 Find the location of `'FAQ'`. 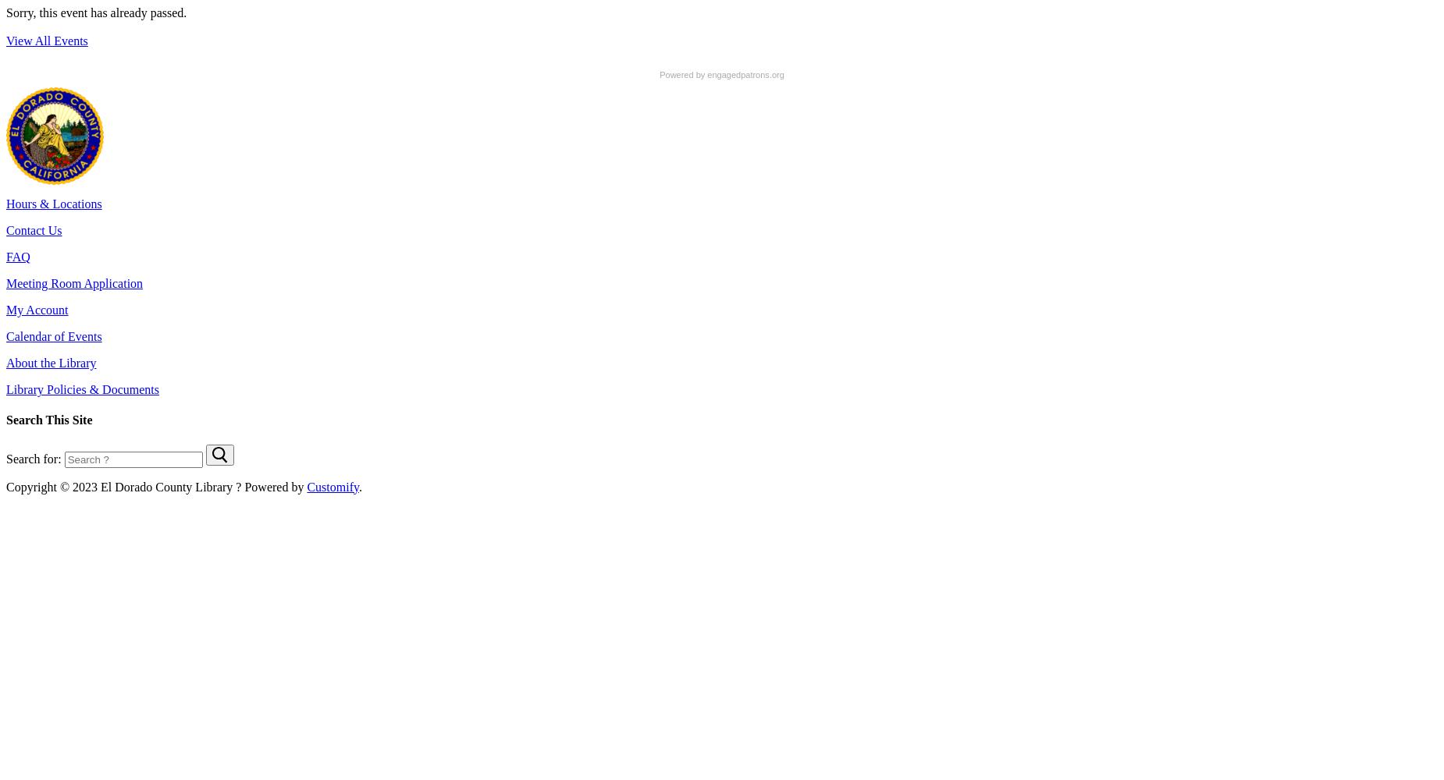

'FAQ' is located at coordinates (16, 256).